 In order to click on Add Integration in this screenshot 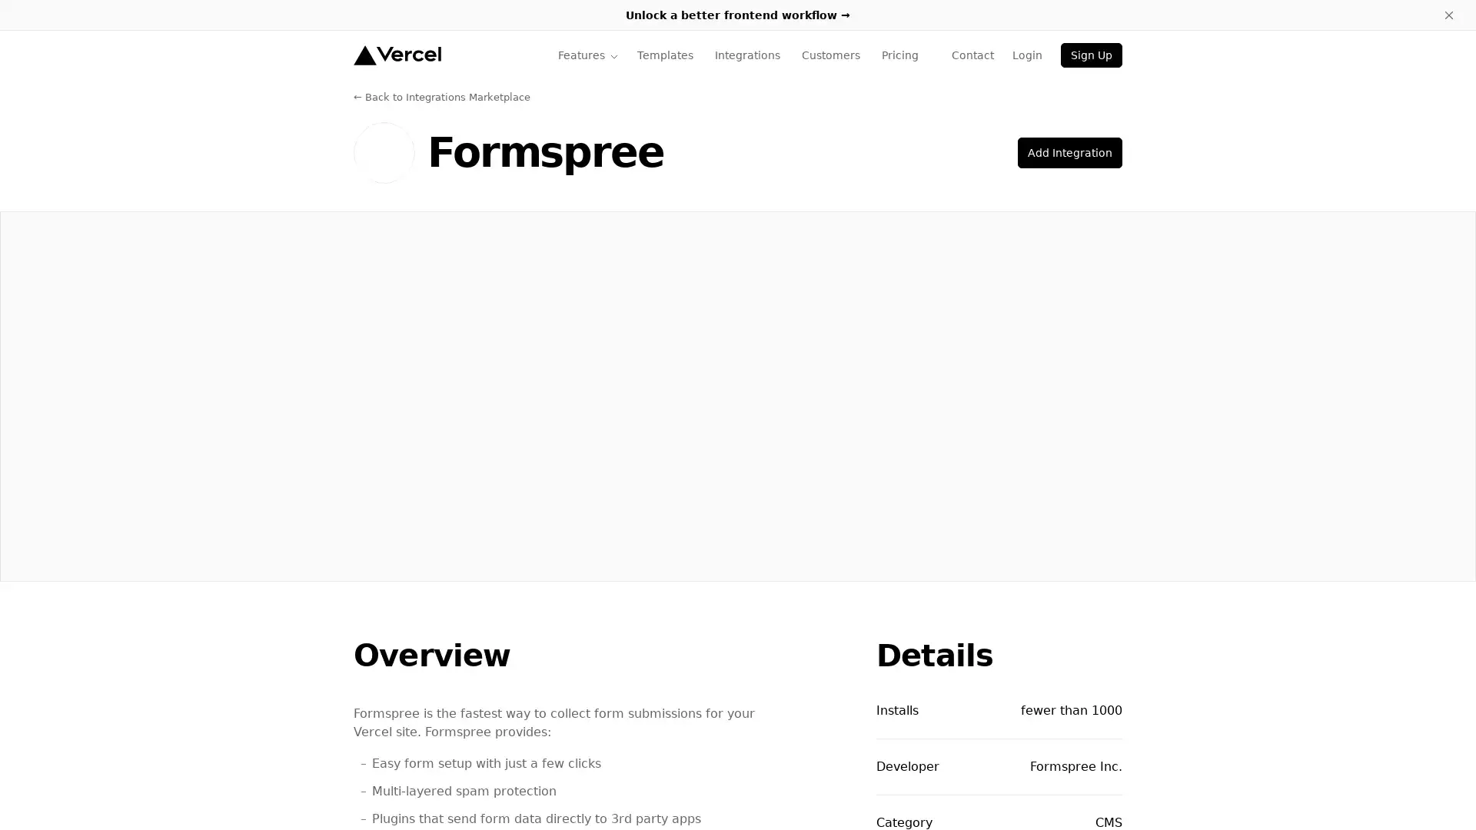, I will do `click(1069, 153)`.